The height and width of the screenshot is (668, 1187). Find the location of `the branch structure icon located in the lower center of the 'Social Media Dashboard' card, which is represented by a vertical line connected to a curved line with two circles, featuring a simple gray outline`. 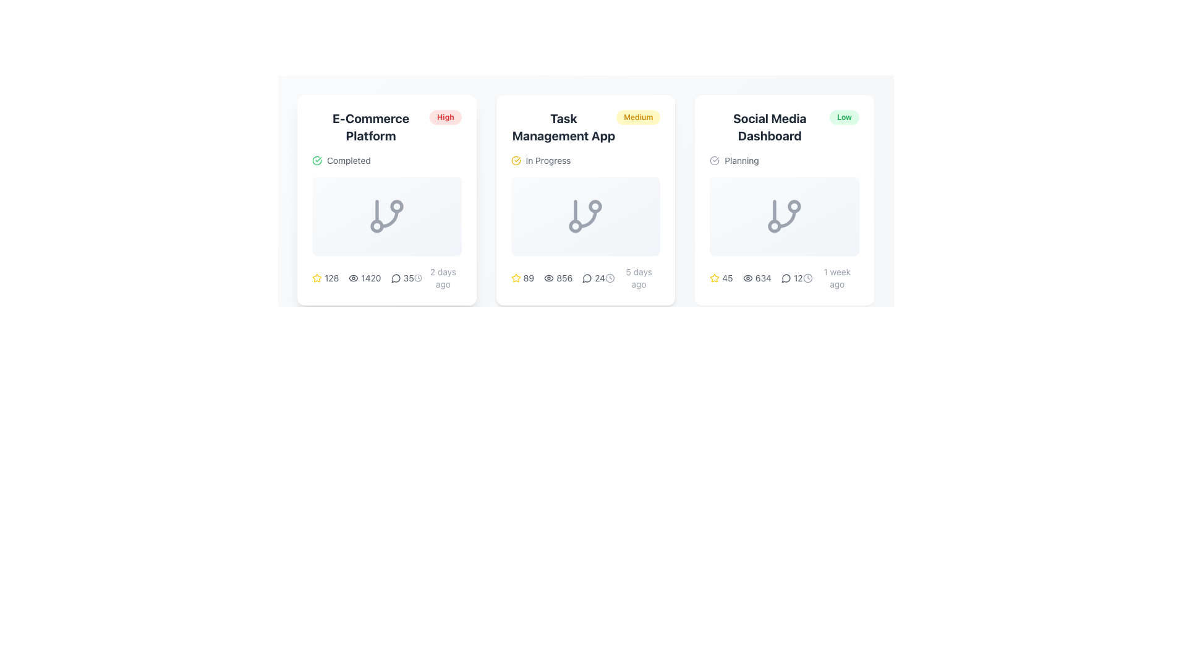

the branch structure icon located in the lower center of the 'Social Media Dashboard' card, which is represented by a vertical line connected to a curved line with two circles, featuring a simple gray outline is located at coordinates (784, 216).